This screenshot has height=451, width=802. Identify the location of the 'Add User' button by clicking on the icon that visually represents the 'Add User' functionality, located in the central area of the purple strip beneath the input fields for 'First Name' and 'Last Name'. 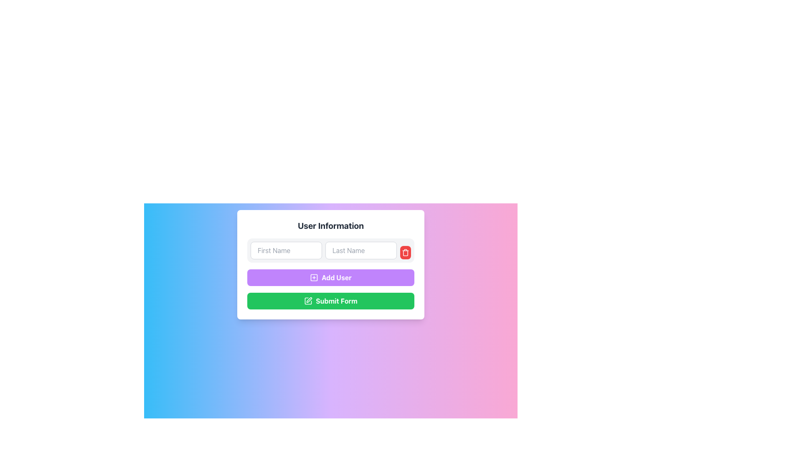
(314, 277).